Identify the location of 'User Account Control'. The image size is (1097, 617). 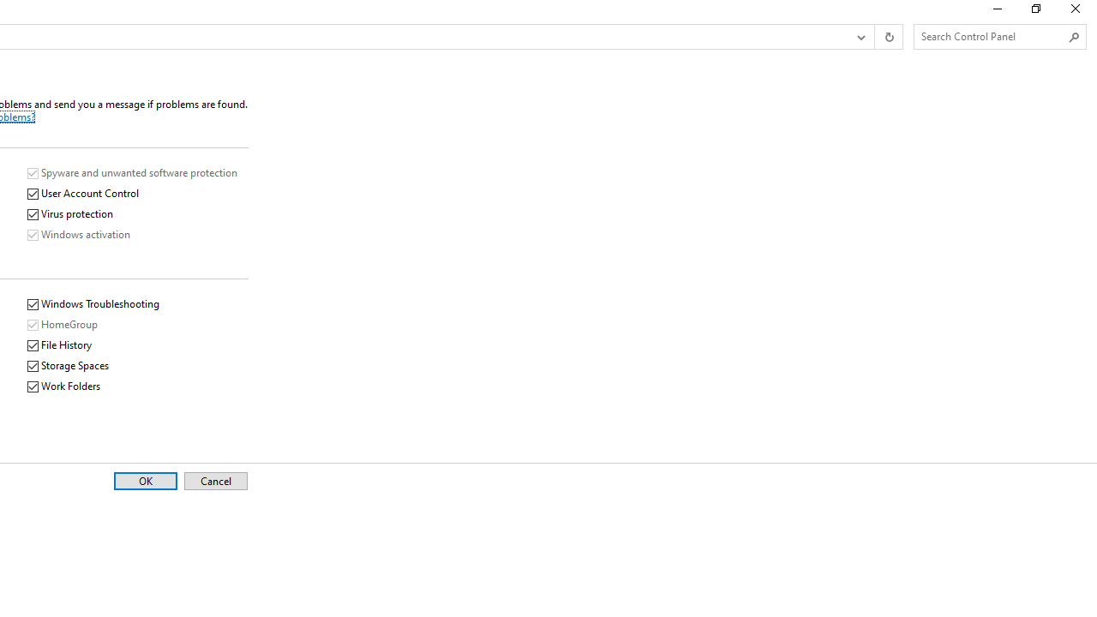
(82, 193).